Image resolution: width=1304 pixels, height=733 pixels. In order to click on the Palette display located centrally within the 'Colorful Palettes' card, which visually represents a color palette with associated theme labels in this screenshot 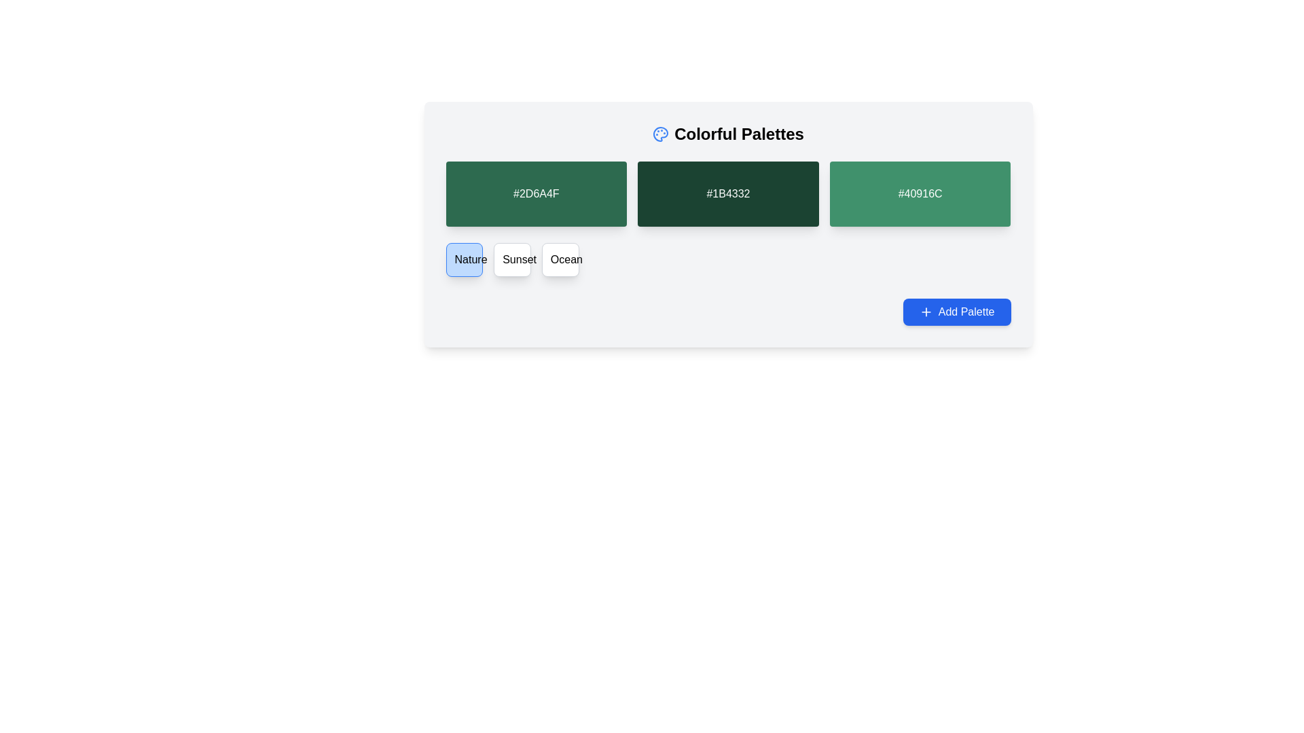, I will do `click(727, 242)`.